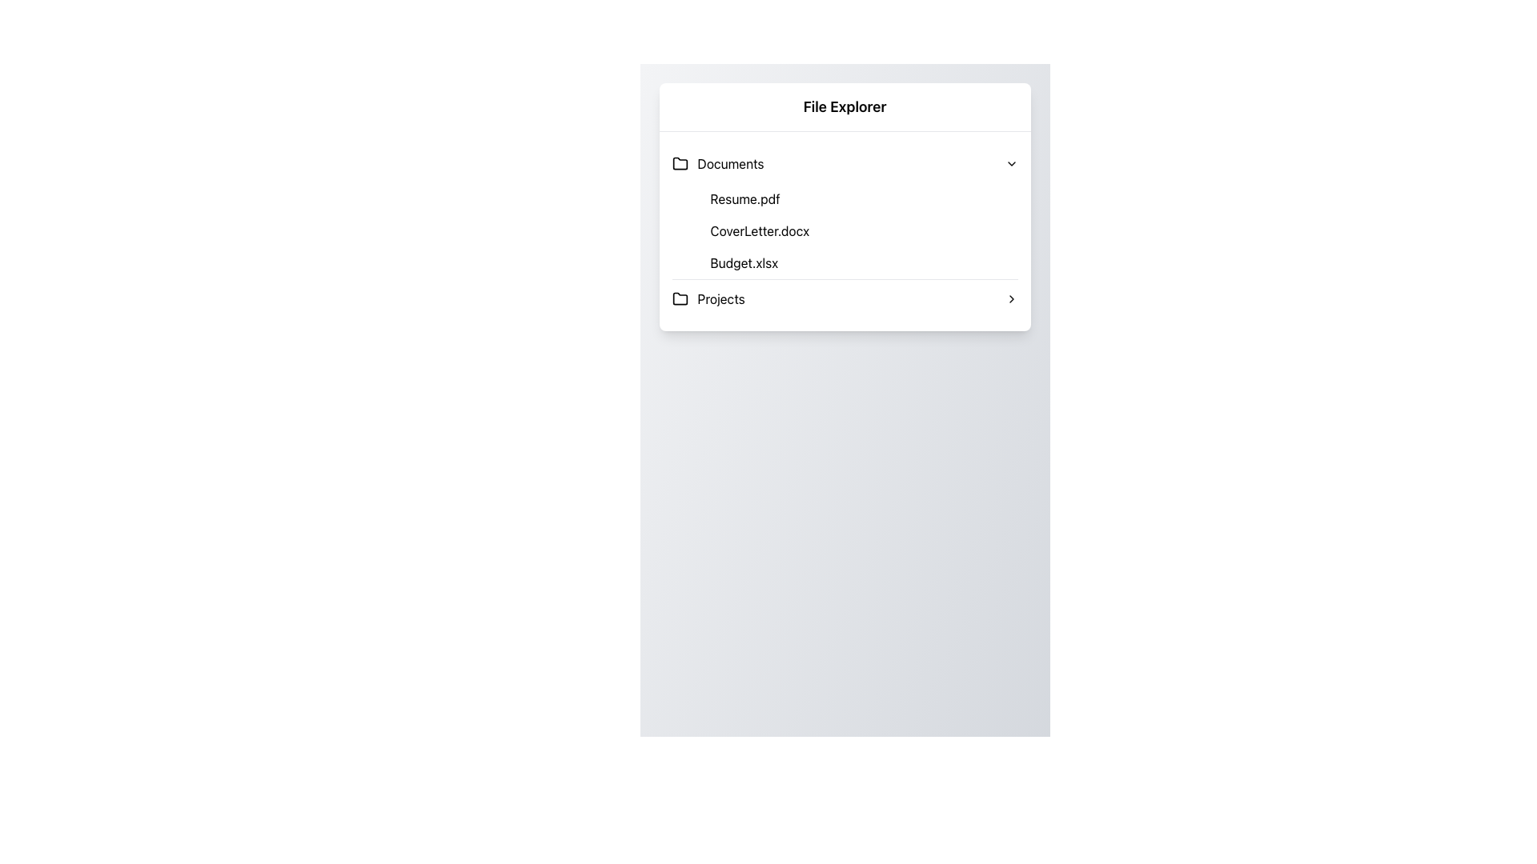  What do you see at coordinates (844, 299) in the screenshot?
I see `the 'Projects' folder item` at bounding box center [844, 299].